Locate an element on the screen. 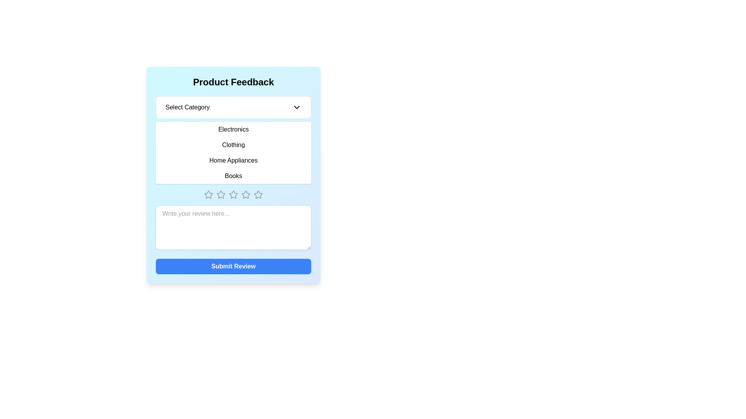  the fifth star icon in the horizontal row of rating options to indicate a rating level is located at coordinates (258, 194).